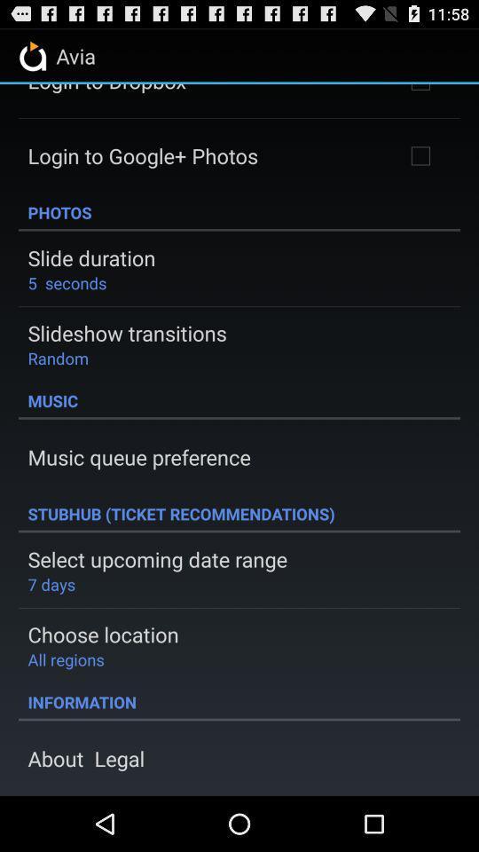 The image size is (479, 852). I want to click on the item below the stubhub (ticket recommendations) item, so click(157, 558).